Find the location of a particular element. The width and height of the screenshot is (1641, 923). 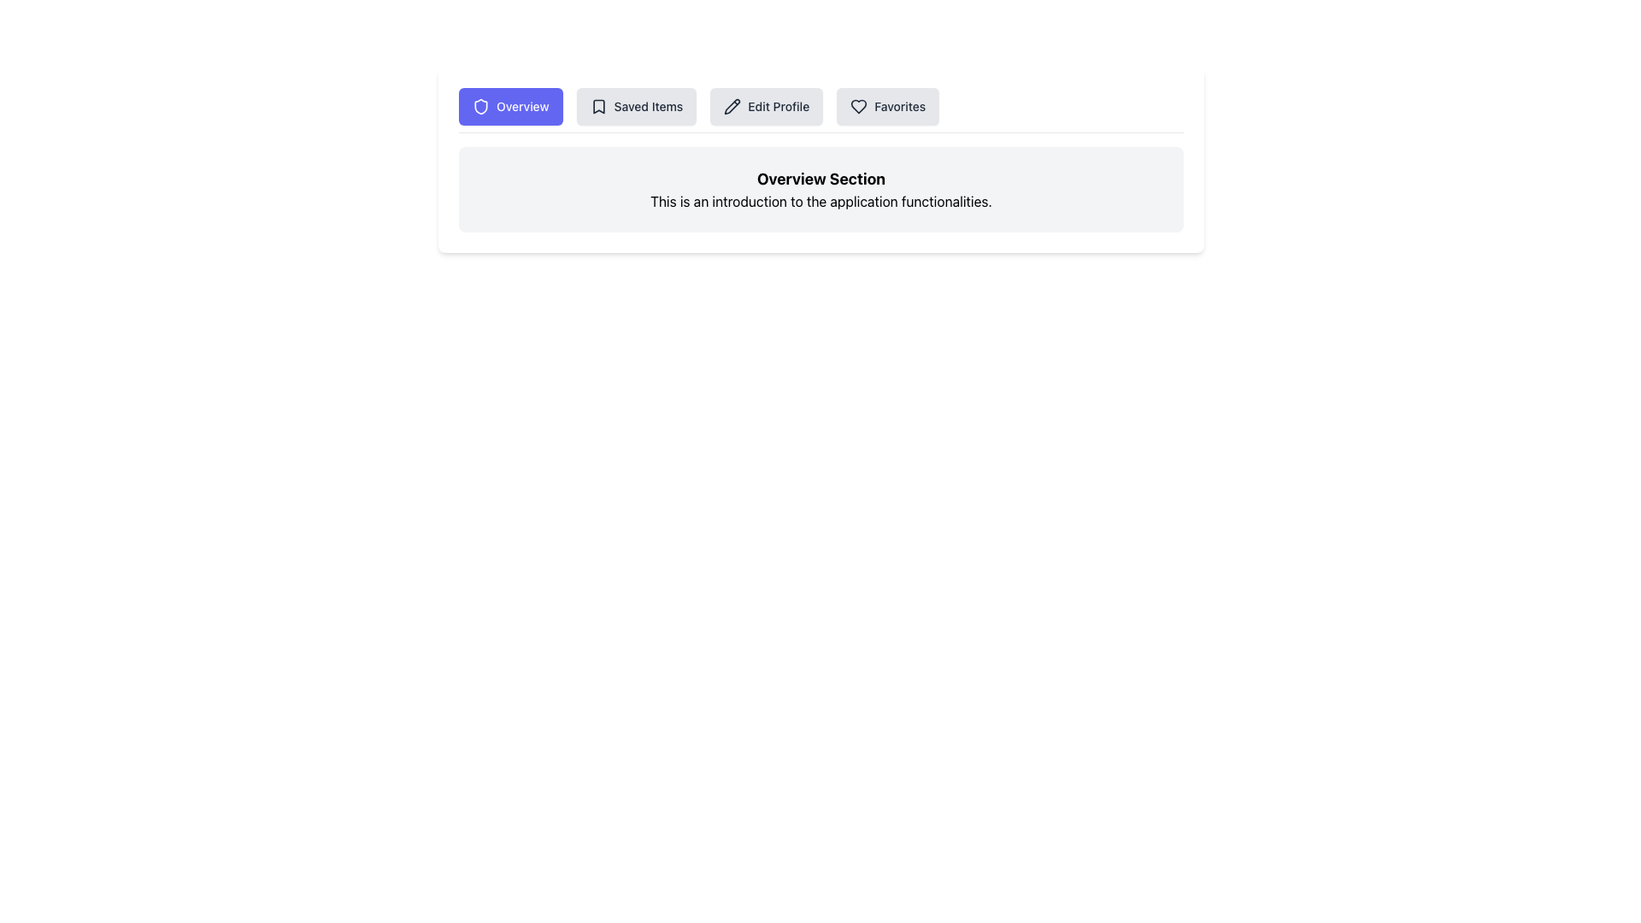

the heart-shaped icon within the 'Favorites' button, which is the fourth button in the navigation bar at the top, characterized by a gray background and rounded corners is located at coordinates (859, 106).